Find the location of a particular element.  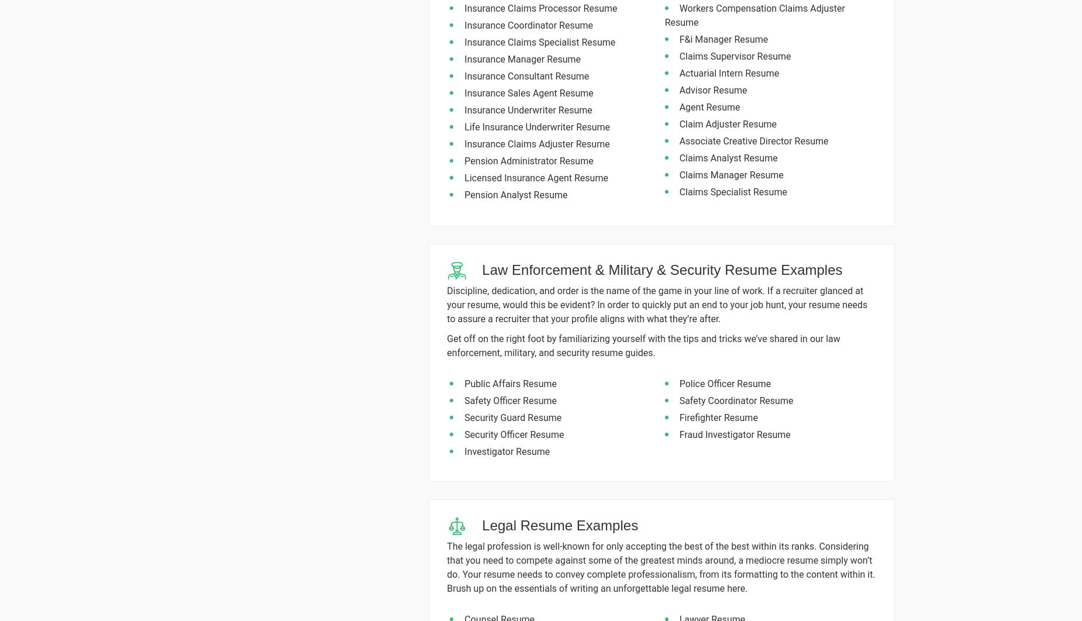

'Pension Analyst Resume' is located at coordinates (516, 194).